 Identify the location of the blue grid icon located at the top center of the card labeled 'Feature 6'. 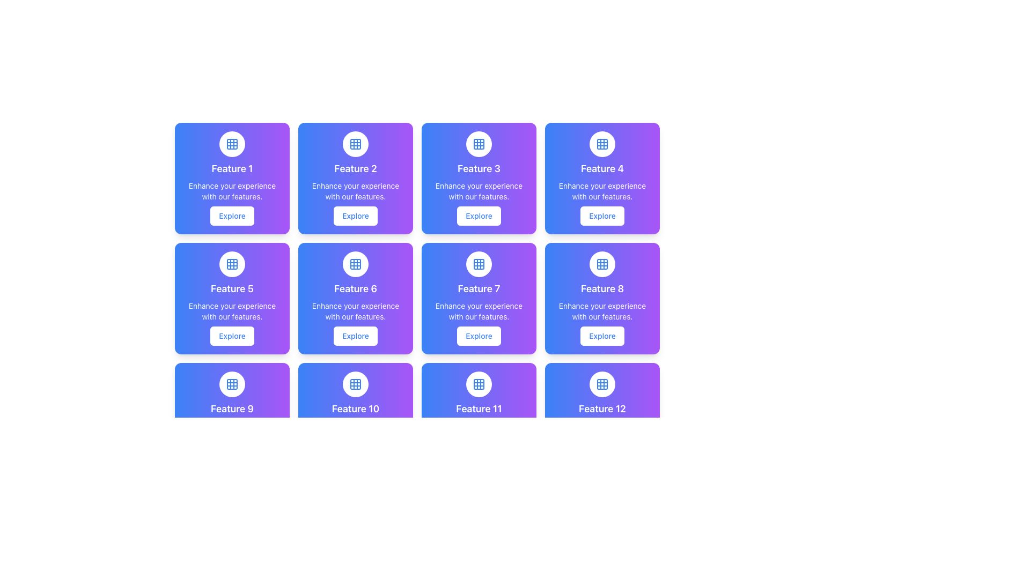
(355, 264).